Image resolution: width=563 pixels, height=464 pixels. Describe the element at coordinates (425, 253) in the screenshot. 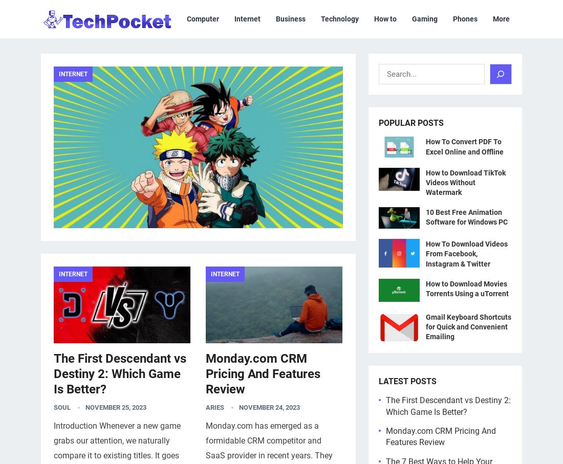

I see `'How To Download Videos From Facebook, Instagram & Twitter'` at that location.